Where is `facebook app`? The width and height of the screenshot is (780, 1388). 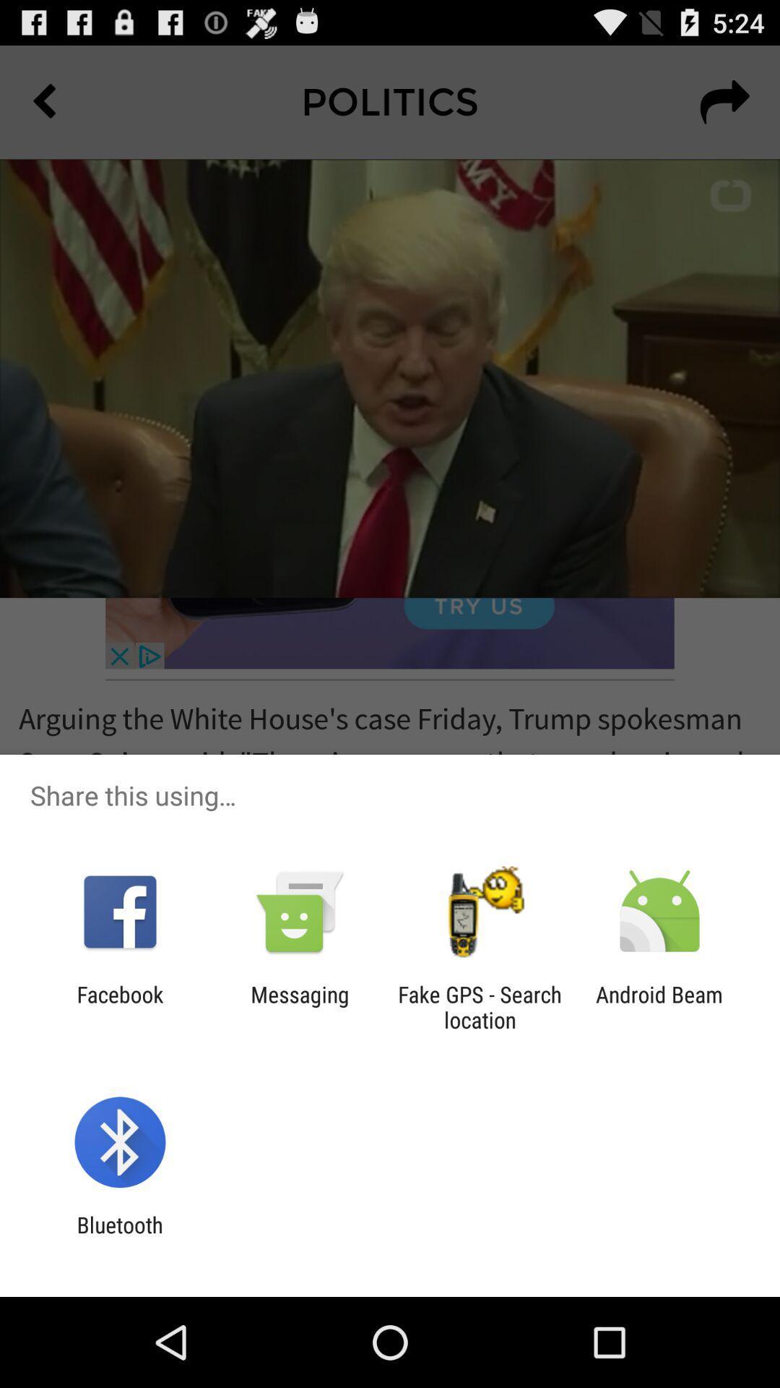 facebook app is located at coordinates (119, 1006).